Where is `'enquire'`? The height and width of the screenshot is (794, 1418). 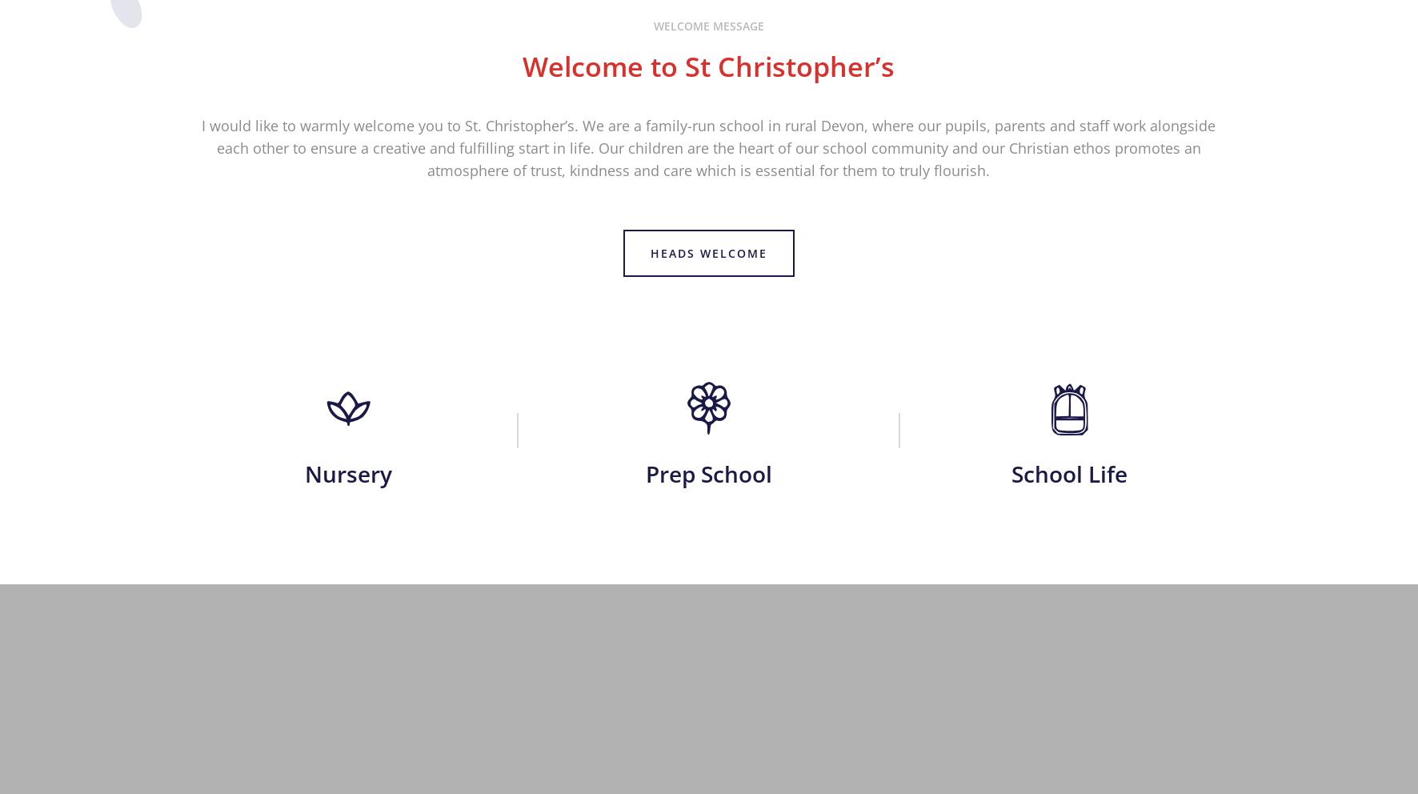
'enquire' is located at coordinates (708, 324).